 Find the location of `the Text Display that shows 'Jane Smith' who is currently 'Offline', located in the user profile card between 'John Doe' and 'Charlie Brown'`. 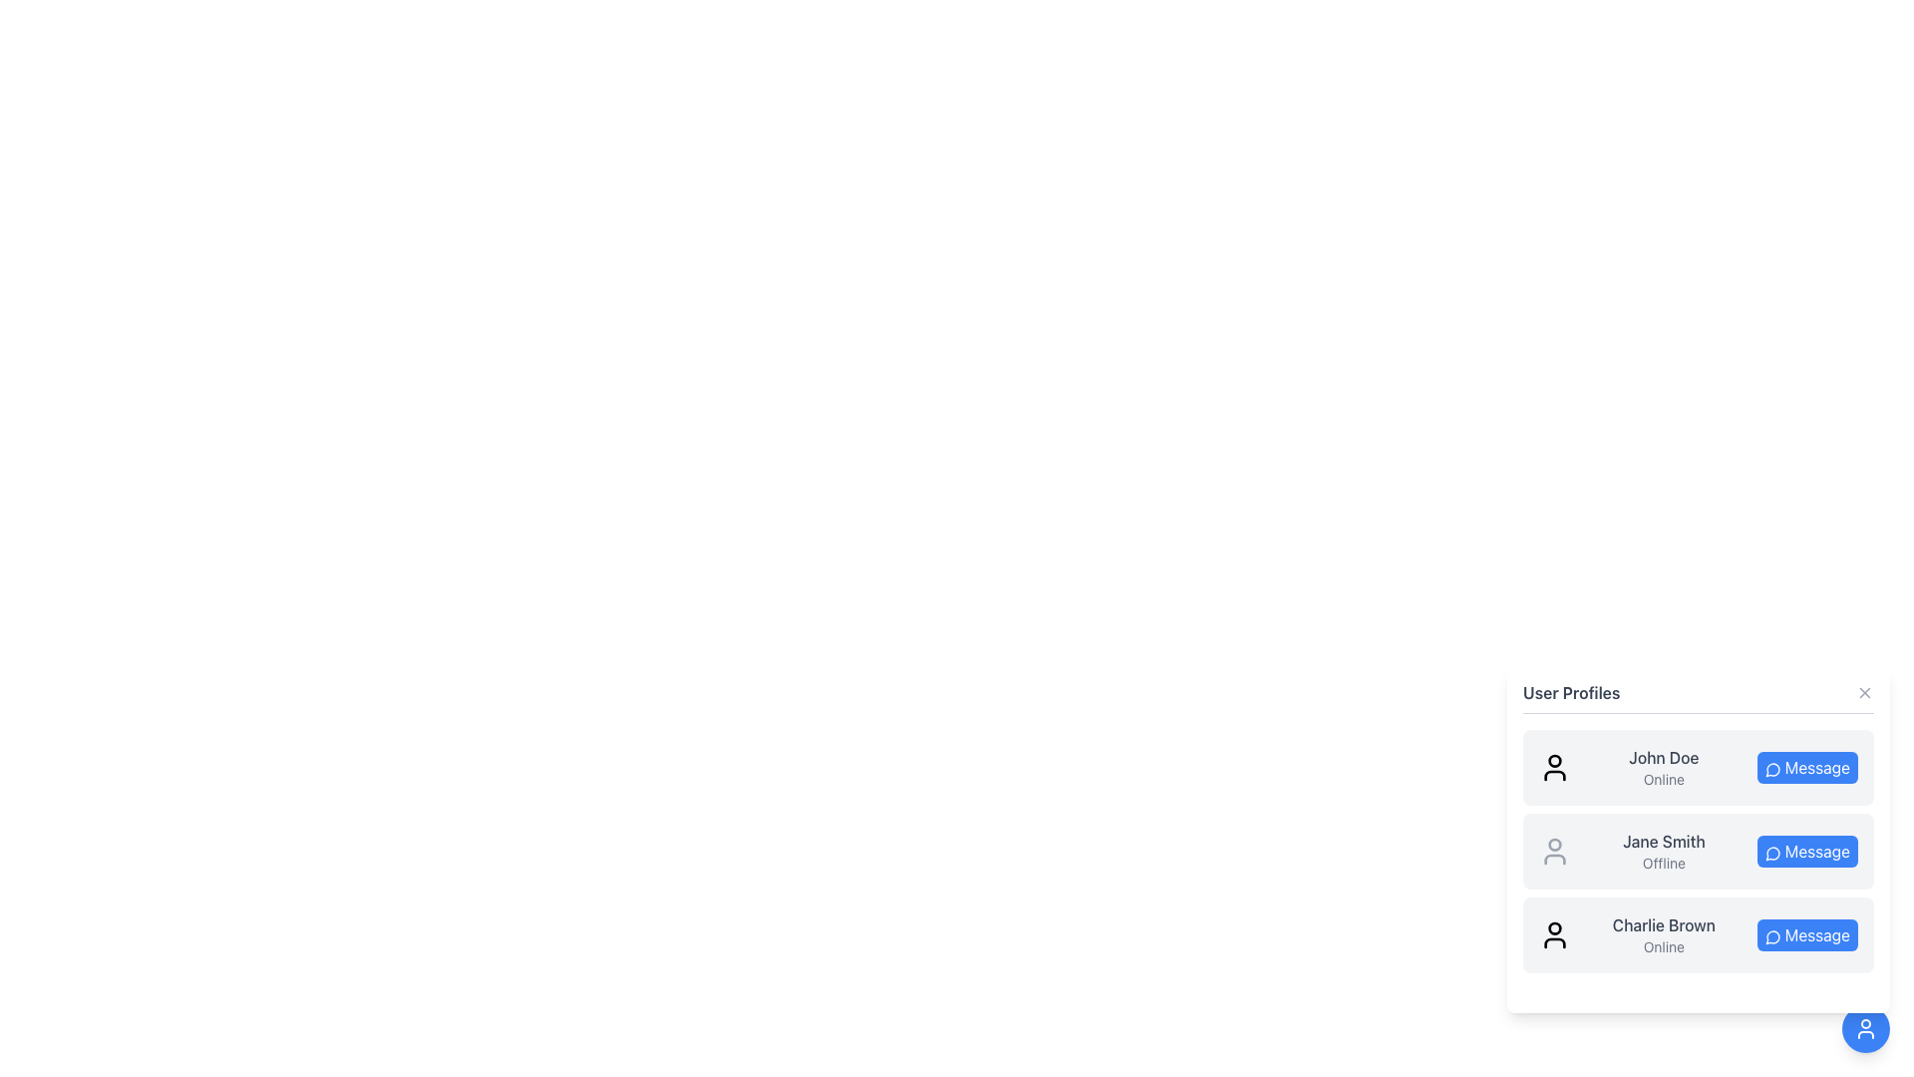

the Text Display that shows 'Jane Smith' who is currently 'Offline', located in the user profile card between 'John Doe' and 'Charlie Brown' is located at coordinates (1664, 851).